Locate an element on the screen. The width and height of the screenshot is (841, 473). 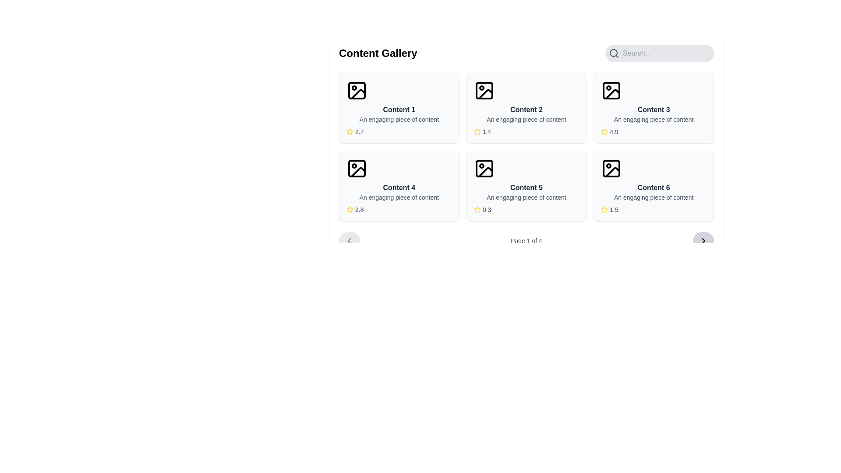
the circular graphical component of the search icon located in the top-right corner of the interface is located at coordinates (613, 53).